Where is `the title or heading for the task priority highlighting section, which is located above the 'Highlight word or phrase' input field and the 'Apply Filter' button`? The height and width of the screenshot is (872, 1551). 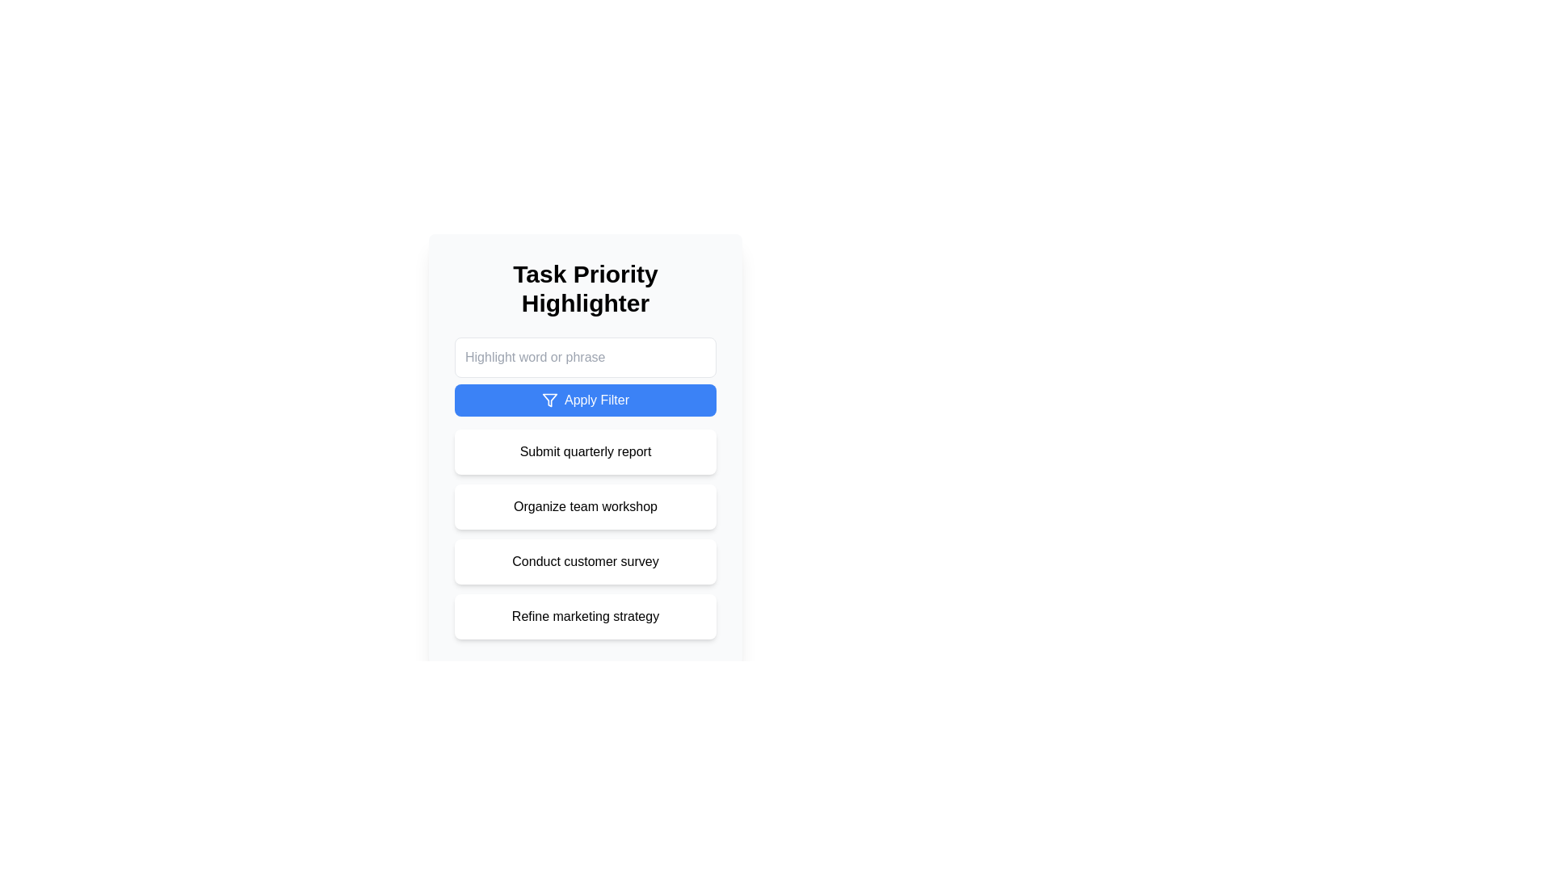
the title or heading for the task priority highlighting section, which is located above the 'Highlight word or phrase' input field and the 'Apply Filter' button is located at coordinates (584, 288).